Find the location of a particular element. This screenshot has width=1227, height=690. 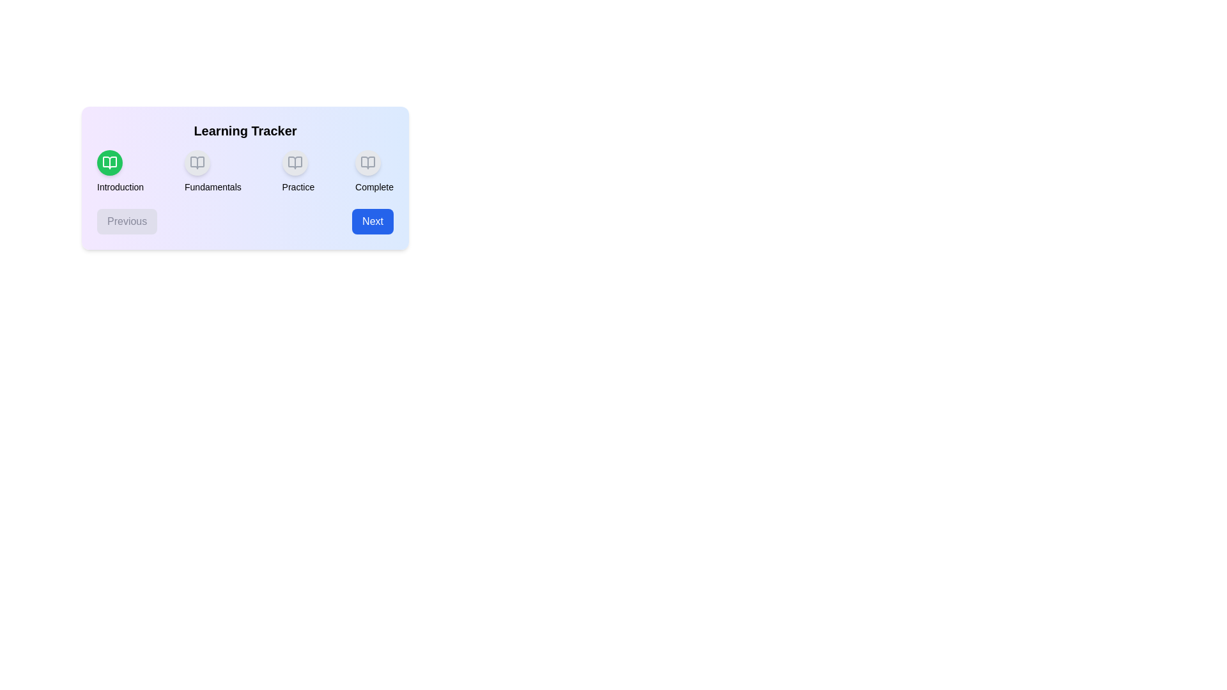

the informational label for a stage within the 'Learning Tracker', located beneath the book icon is located at coordinates (297, 187).